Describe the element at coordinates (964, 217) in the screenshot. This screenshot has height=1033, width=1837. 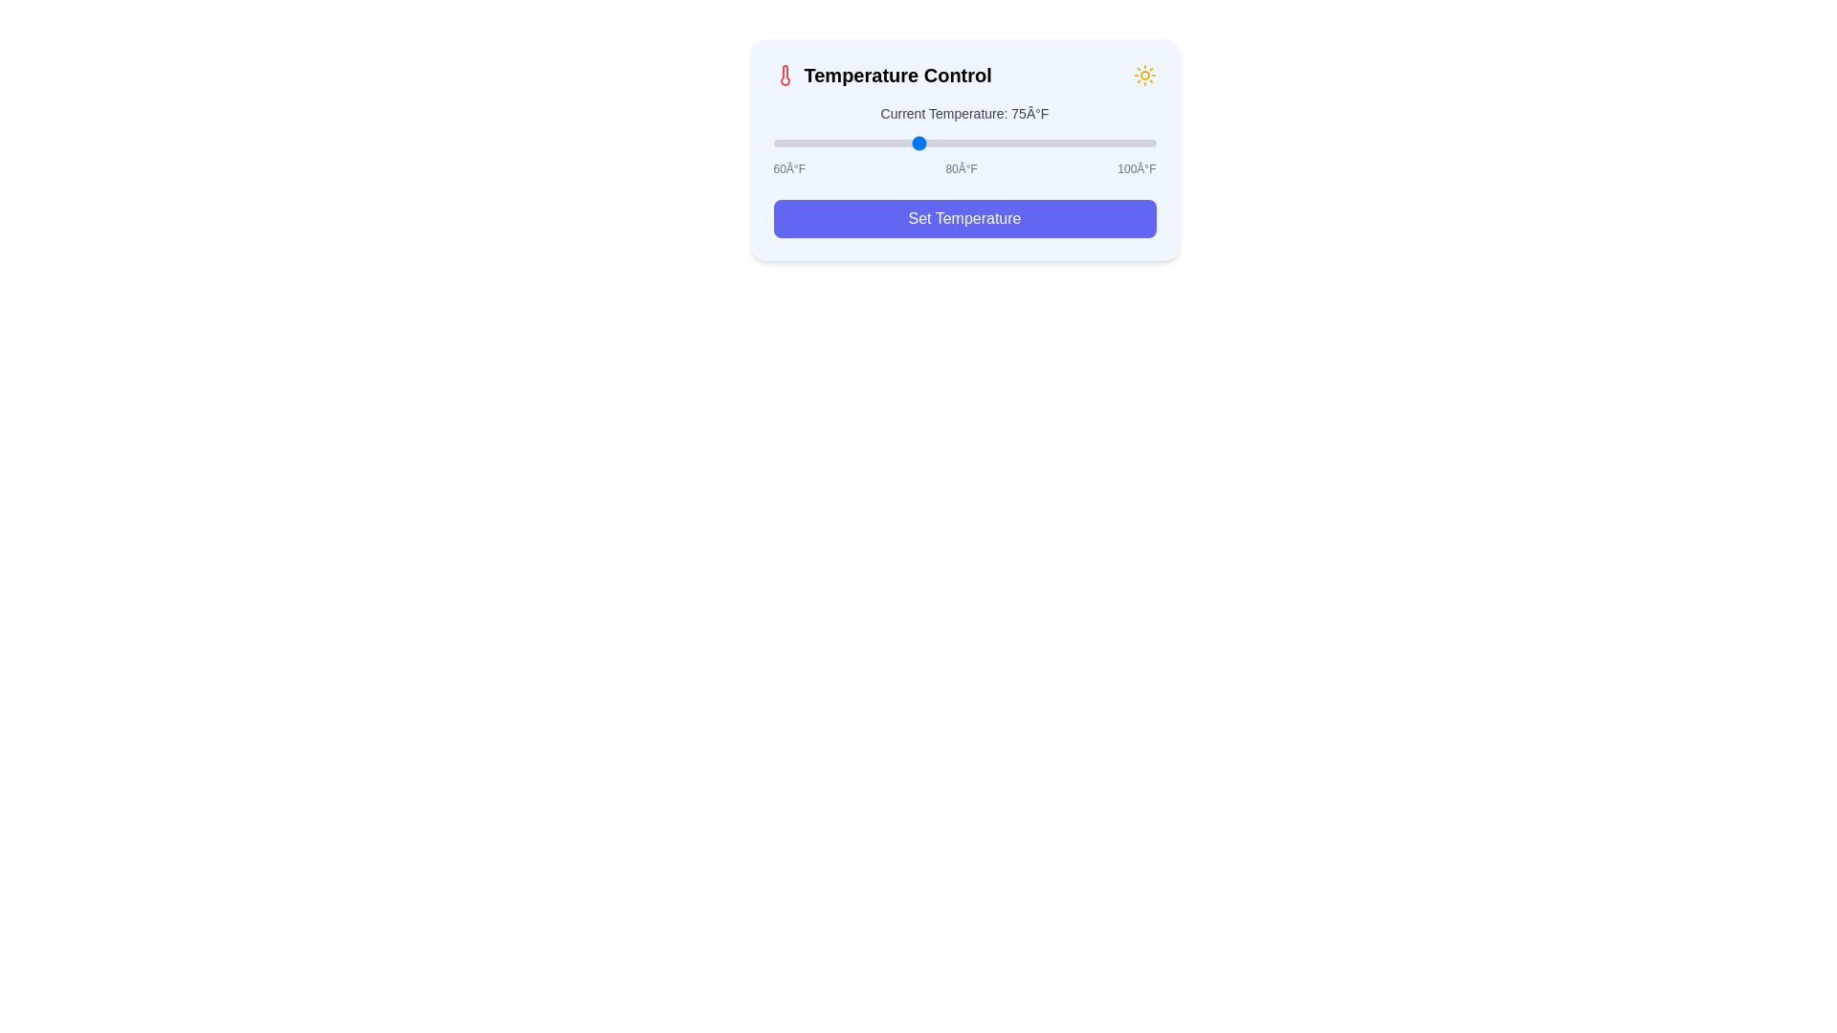
I see `the 'Set Temperature' button, which is a purple rectangular button with white text, located at the bottom of the 'Temperature Control' card` at that location.